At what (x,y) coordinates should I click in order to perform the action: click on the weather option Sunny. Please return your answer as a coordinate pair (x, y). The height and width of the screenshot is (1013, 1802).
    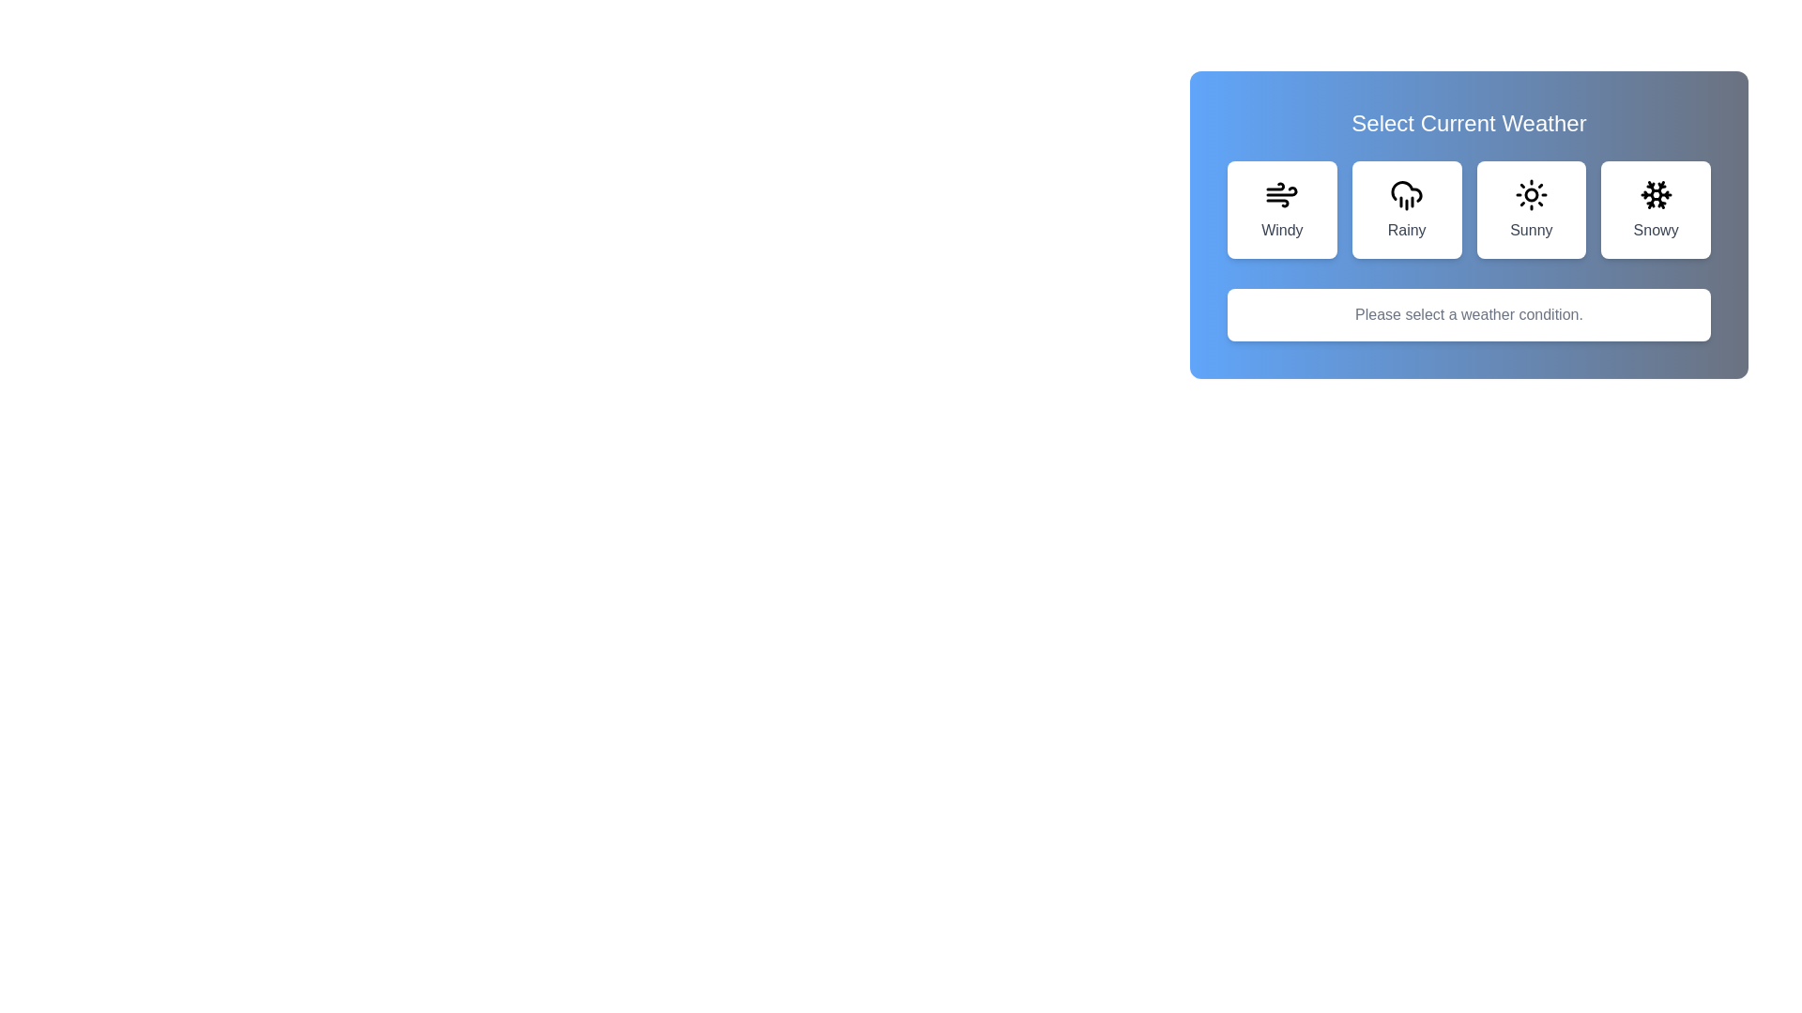
    Looking at the image, I should click on (1531, 209).